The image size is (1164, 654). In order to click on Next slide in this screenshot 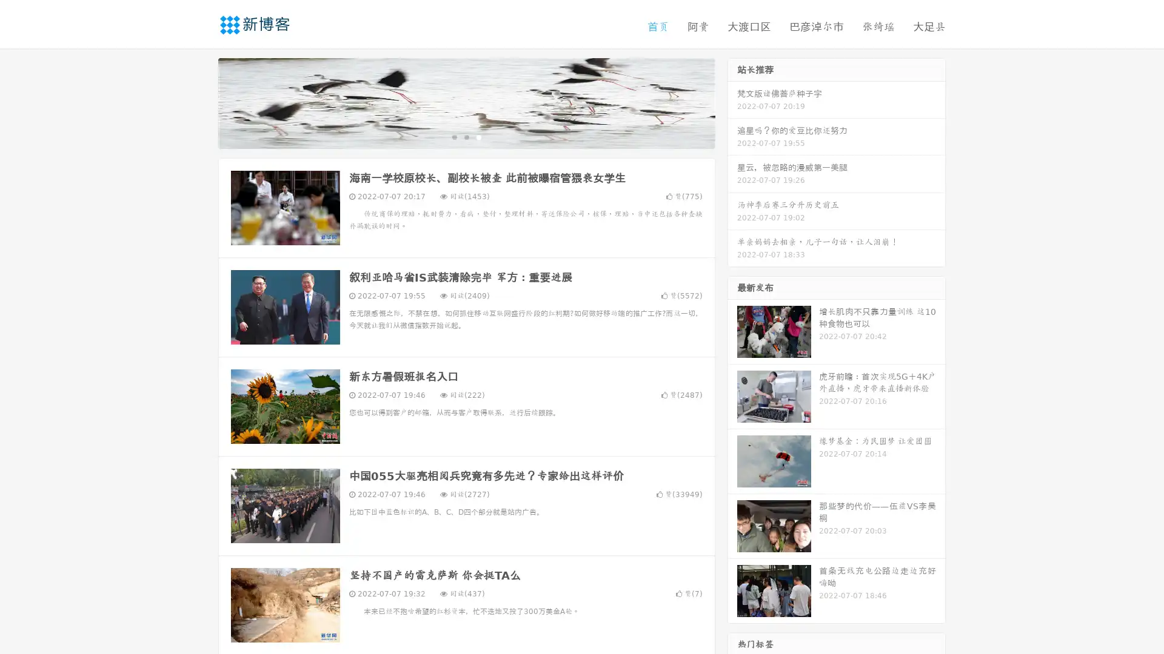, I will do `click(732, 102)`.